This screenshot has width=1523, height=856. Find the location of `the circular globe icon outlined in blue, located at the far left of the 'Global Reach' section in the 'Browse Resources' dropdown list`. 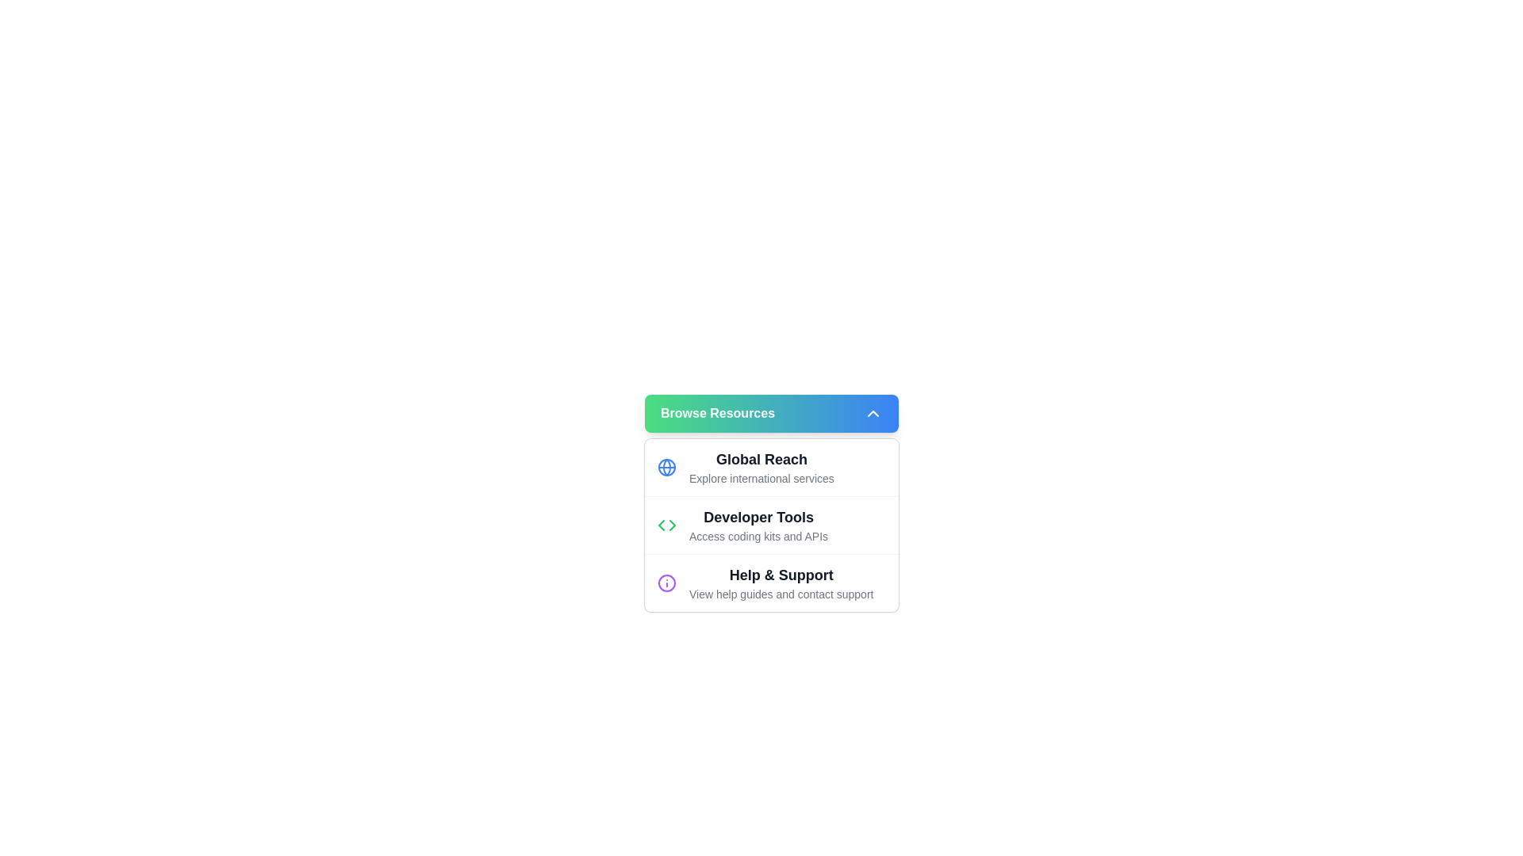

the circular globe icon outlined in blue, located at the far left of the 'Global Reach' section in the 'Browse Resources' dropdown list is located at coordinates (666, 467).